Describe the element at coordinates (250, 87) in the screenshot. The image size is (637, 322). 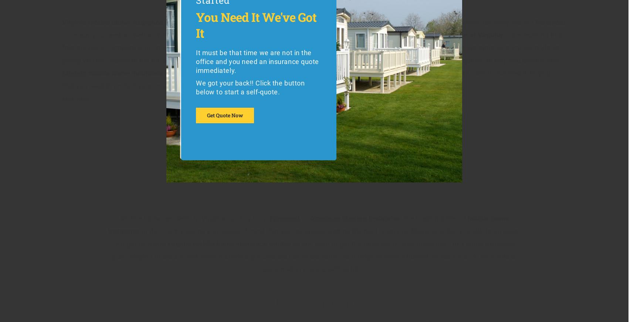
I see `'We got your back!! Click the button below to start a self-quote.'` at that location.